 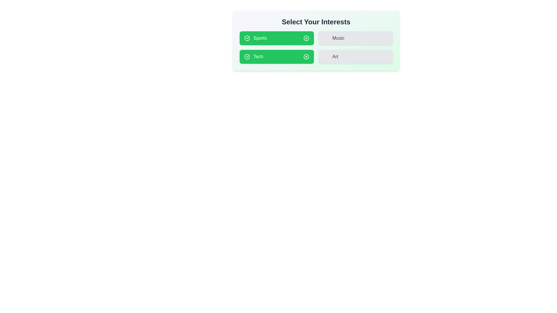 What do you see at coordinates (276, 38) in the screenshot?
I see `the button corresponding to the interest Sports to toggle its selection state` at bounding box center [276, 38].